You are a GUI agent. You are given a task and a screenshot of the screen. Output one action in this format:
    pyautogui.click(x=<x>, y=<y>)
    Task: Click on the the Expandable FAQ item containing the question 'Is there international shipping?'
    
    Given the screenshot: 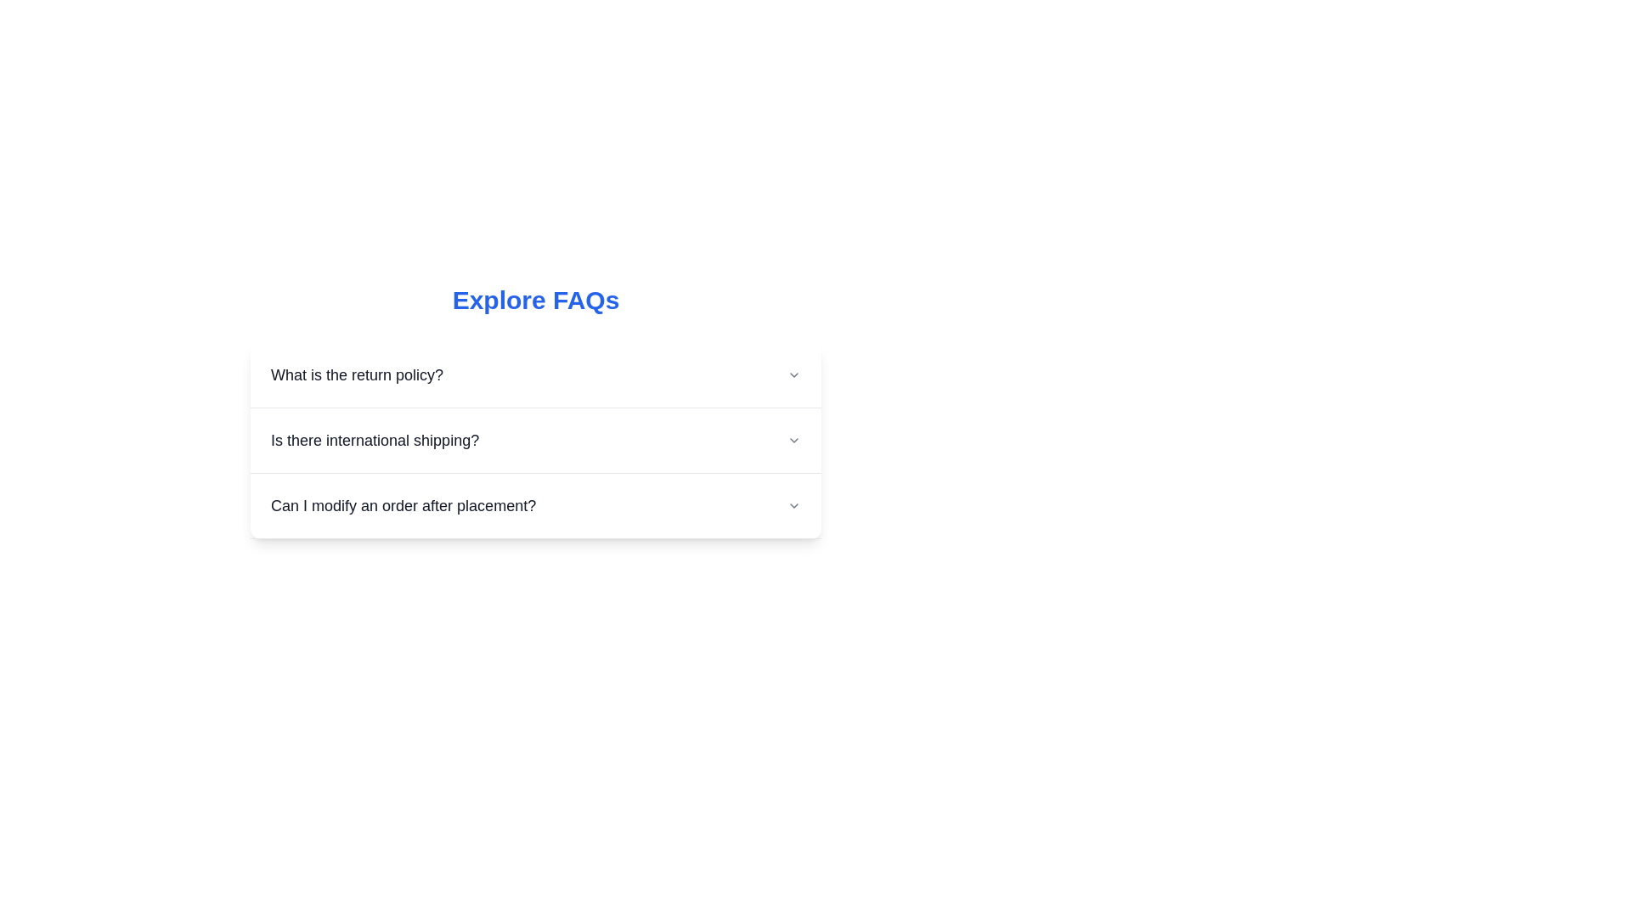 What is the action you would take?
    pyautogui.click(x=534, y=440)
    